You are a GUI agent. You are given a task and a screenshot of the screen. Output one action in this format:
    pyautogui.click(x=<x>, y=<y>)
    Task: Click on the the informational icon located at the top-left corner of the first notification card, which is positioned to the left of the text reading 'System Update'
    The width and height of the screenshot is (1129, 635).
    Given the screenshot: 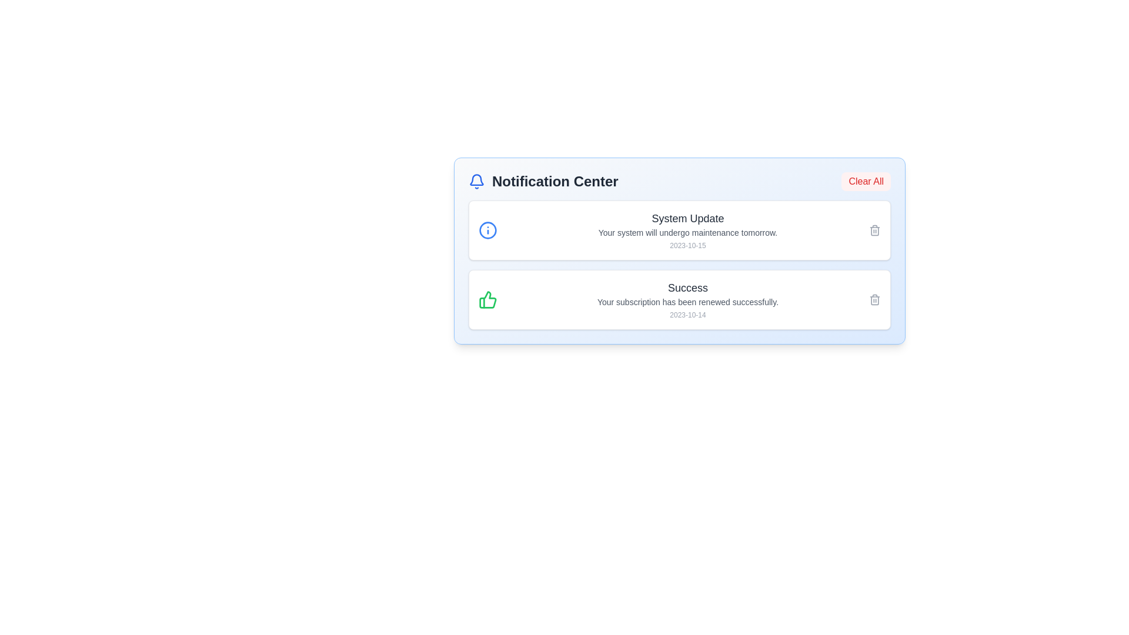 What is the action you would take?
    pyautogui.click(x=488, y=230)
    